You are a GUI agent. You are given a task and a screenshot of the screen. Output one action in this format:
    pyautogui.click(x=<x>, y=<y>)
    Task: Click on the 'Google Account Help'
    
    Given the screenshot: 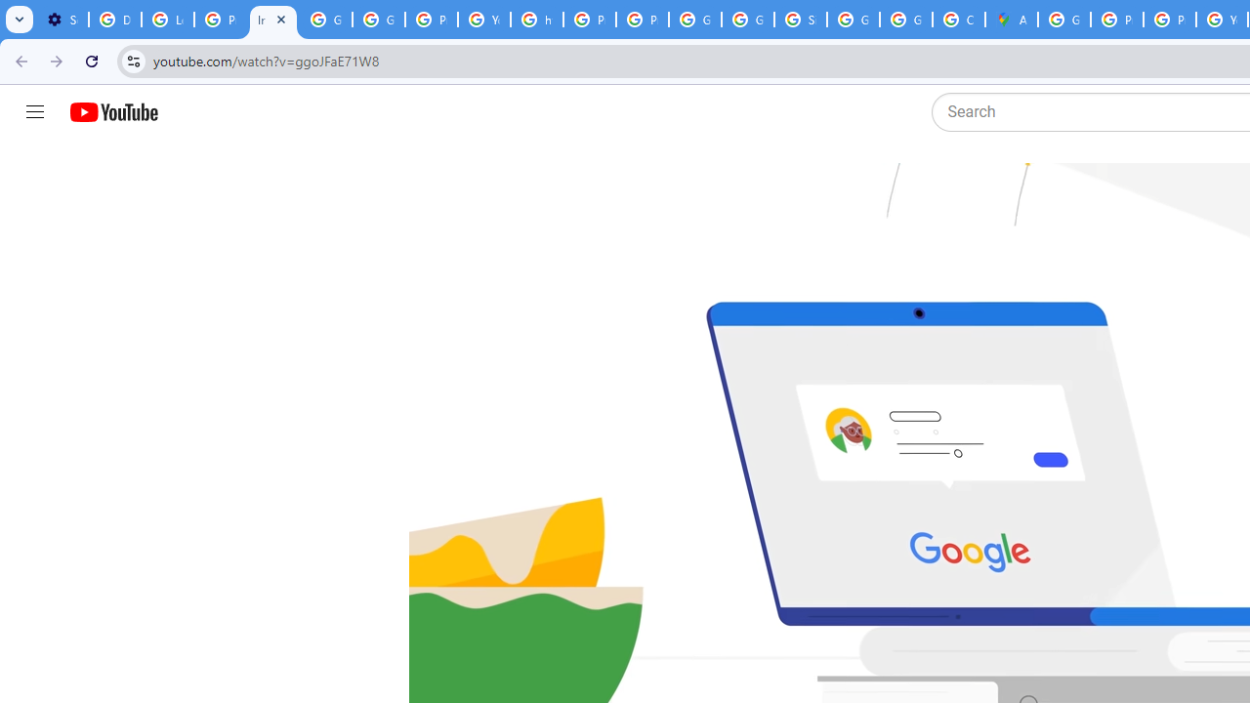 What is the action you would take?
    pyautogui.click(x=326, y=20)
    